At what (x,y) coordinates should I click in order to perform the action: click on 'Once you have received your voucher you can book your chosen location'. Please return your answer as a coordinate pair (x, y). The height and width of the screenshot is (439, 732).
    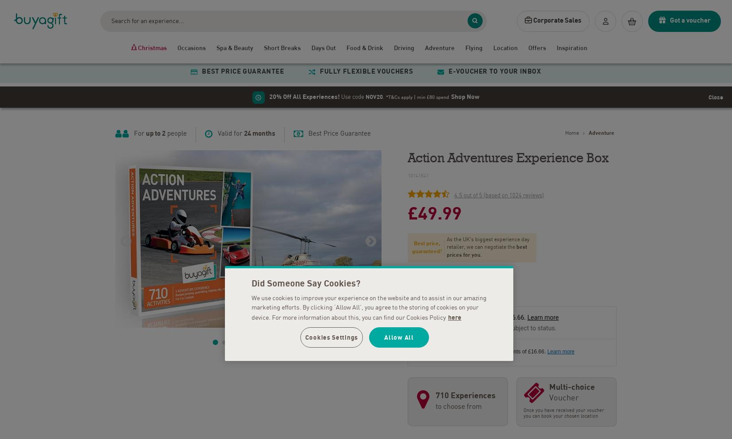
    Looking at the image, I should click on (563, 410).